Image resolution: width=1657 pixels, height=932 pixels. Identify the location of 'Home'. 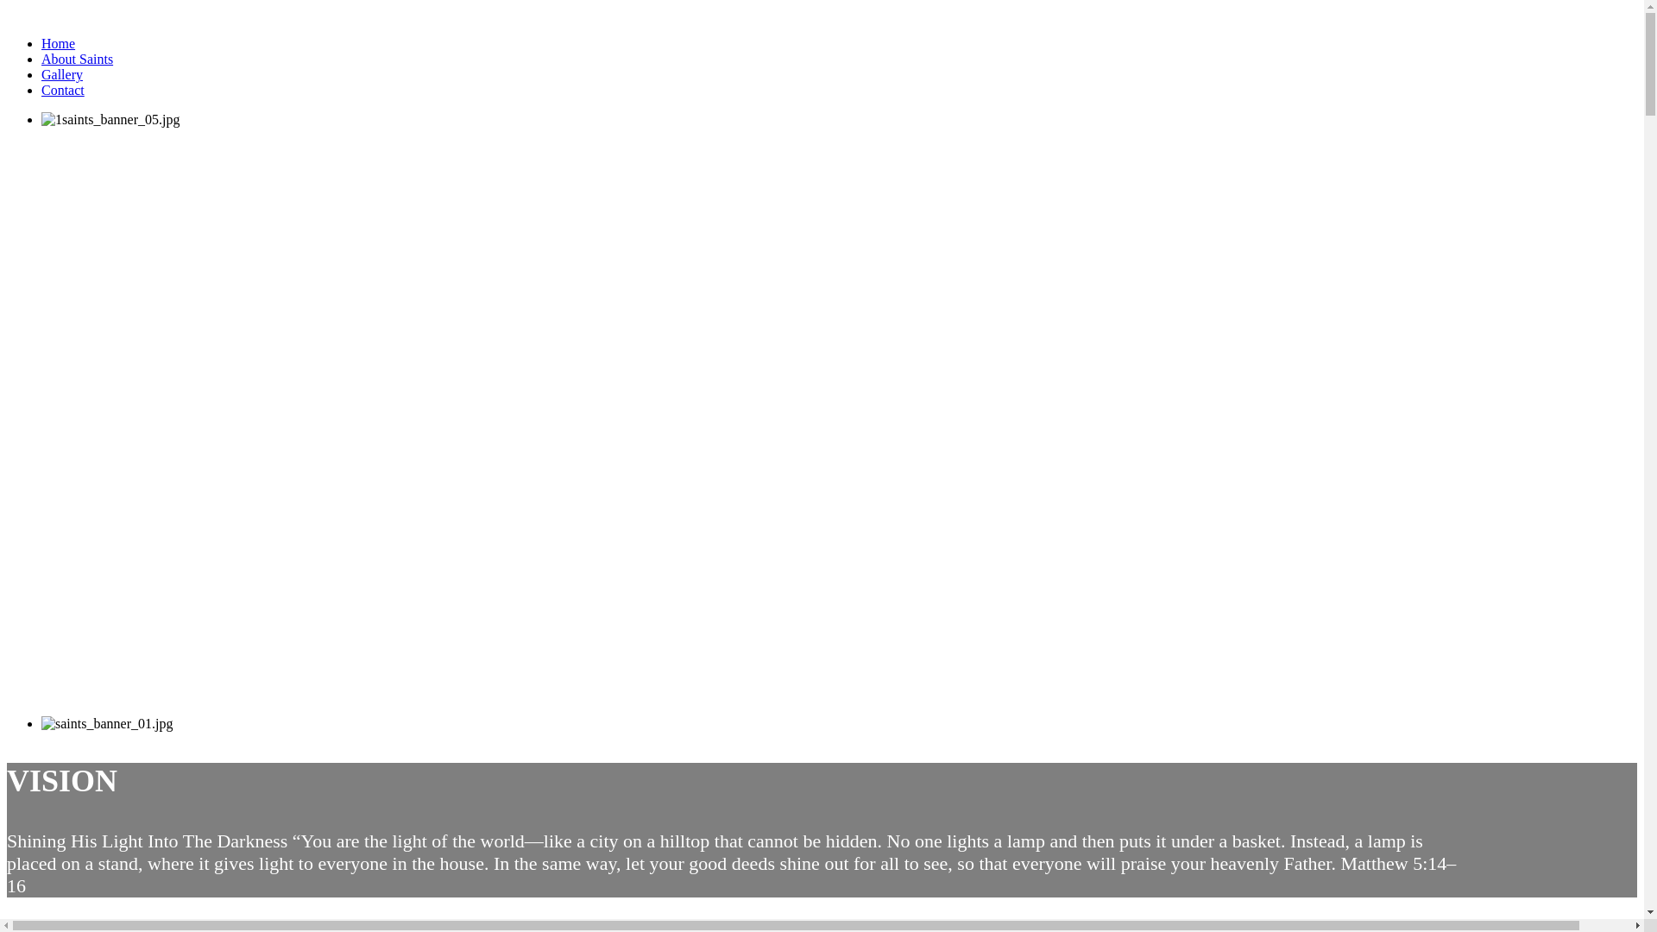
(58, 42).